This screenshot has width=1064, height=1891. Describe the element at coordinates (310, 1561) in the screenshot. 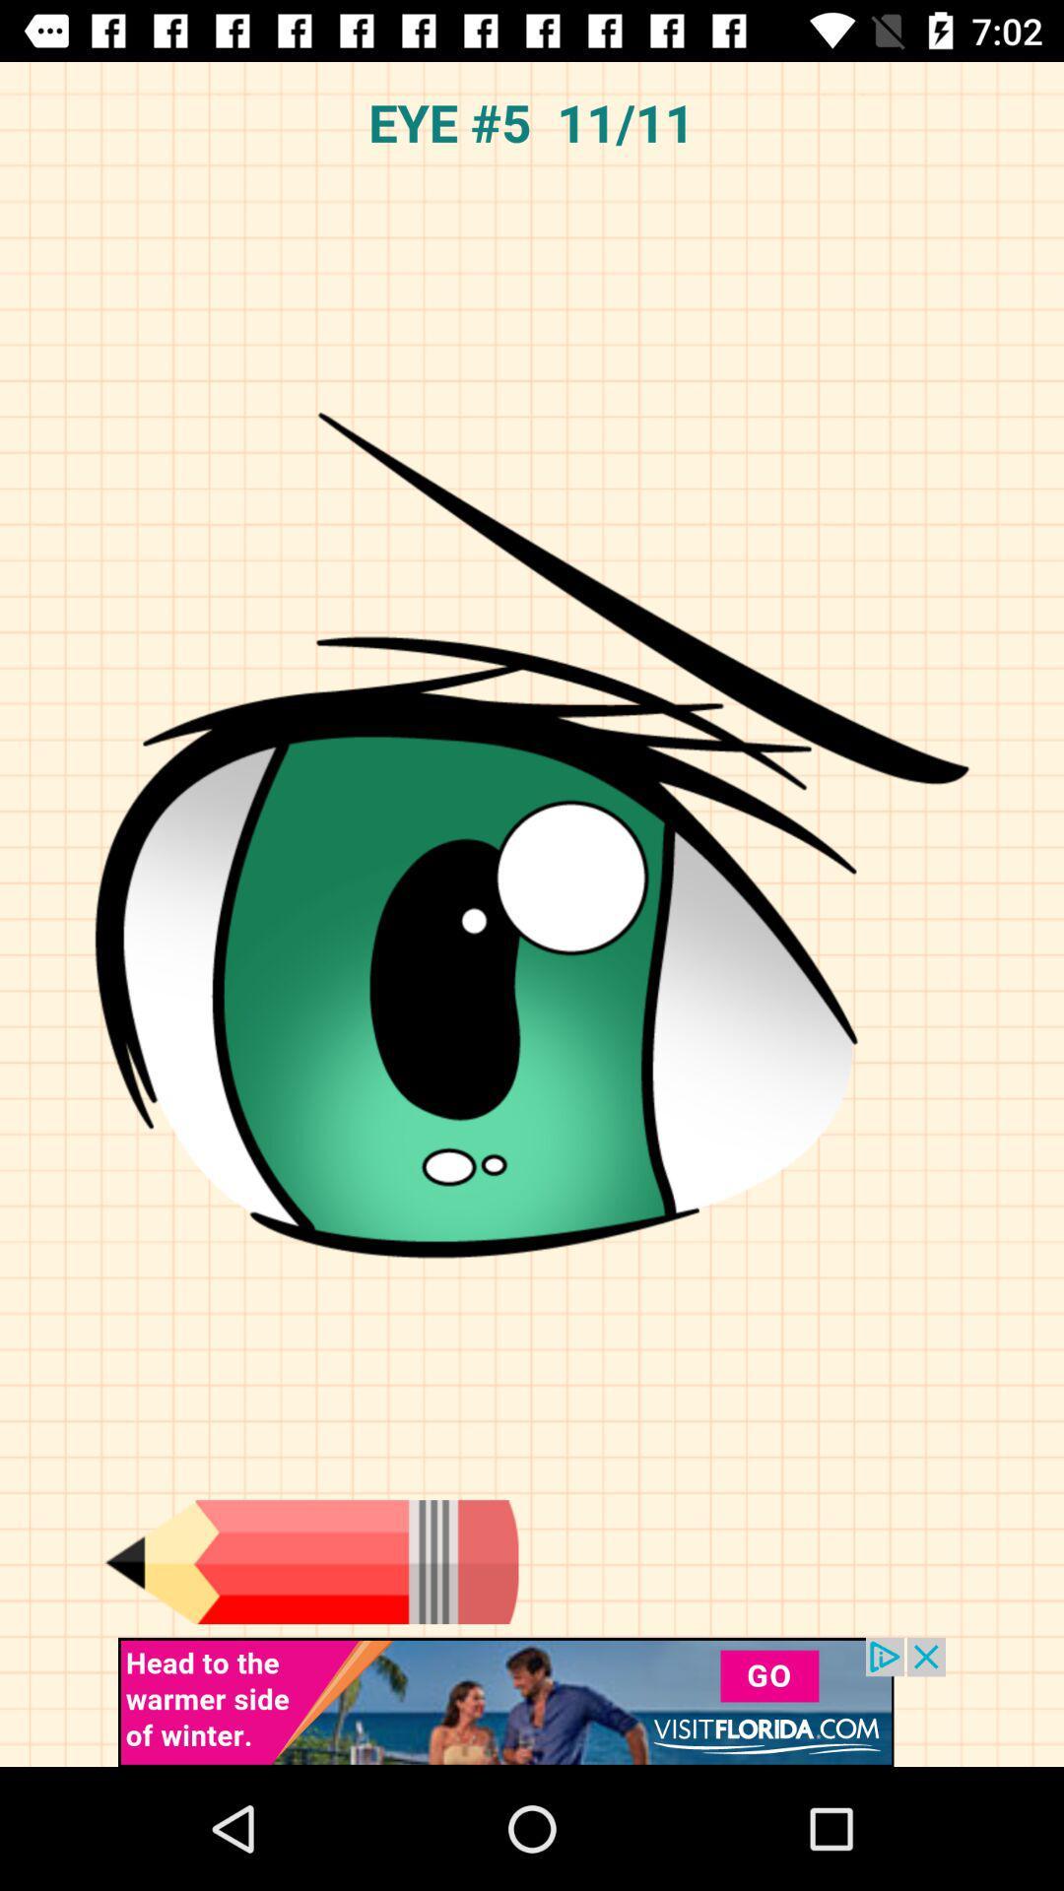

I see `pencil` at that location.